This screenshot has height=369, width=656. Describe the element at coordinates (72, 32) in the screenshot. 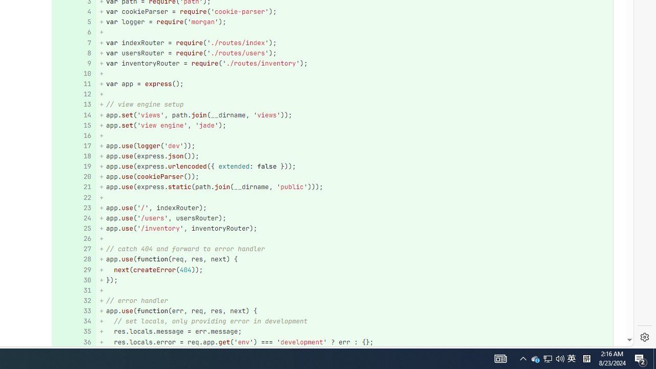

I see `'6'` at that location.